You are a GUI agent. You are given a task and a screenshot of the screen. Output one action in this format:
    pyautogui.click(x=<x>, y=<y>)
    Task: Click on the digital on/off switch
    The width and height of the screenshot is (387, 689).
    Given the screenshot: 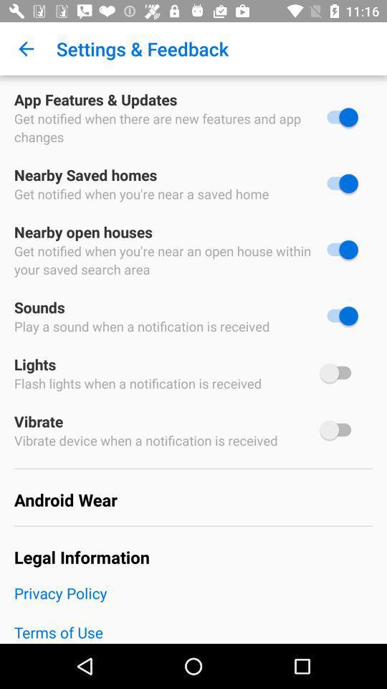 What is the action you would take?
    pyautogui.click(x=338, y=182)
    